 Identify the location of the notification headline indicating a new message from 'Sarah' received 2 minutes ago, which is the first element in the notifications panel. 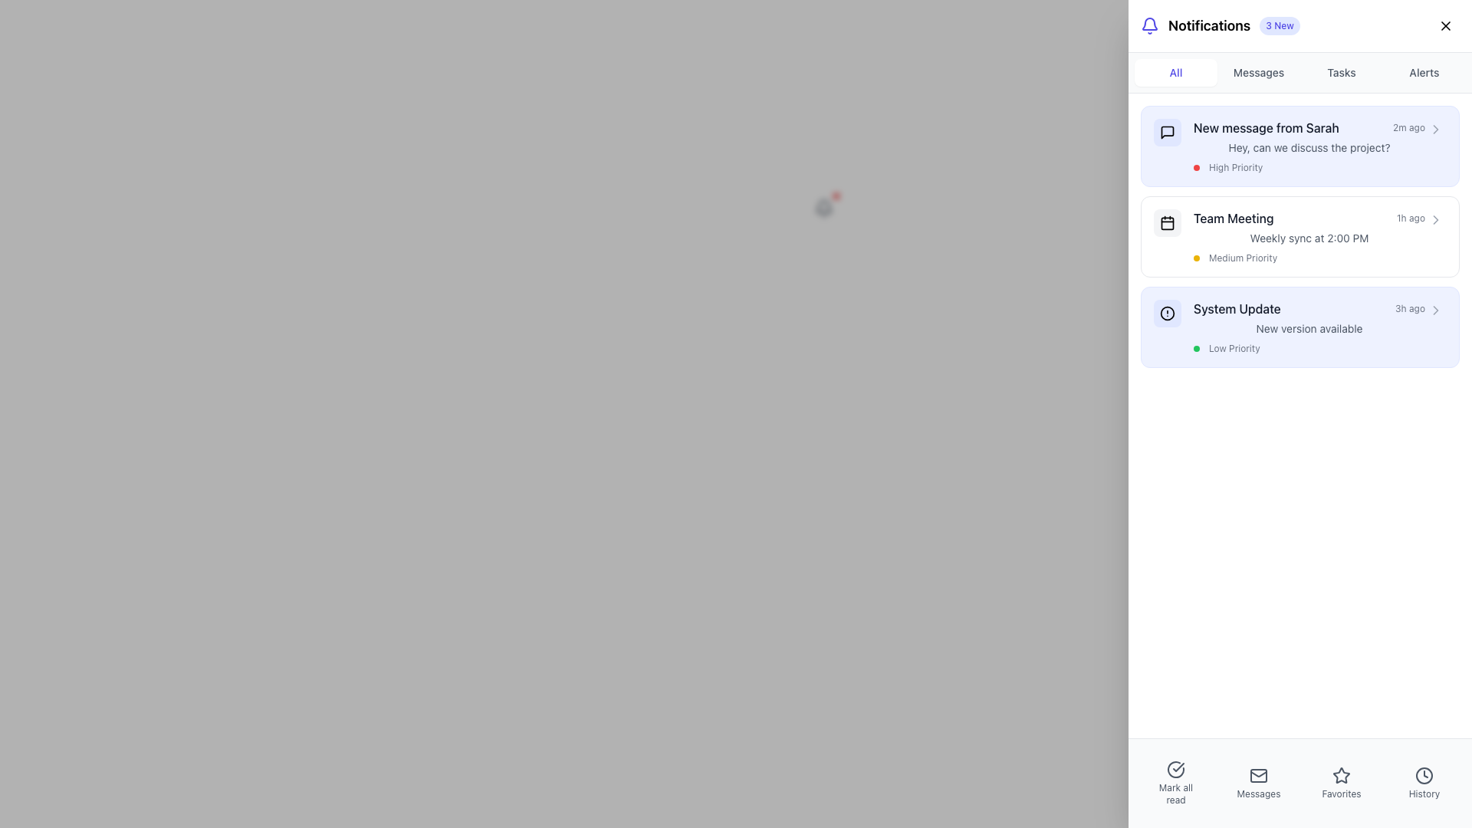
(1309, 127).